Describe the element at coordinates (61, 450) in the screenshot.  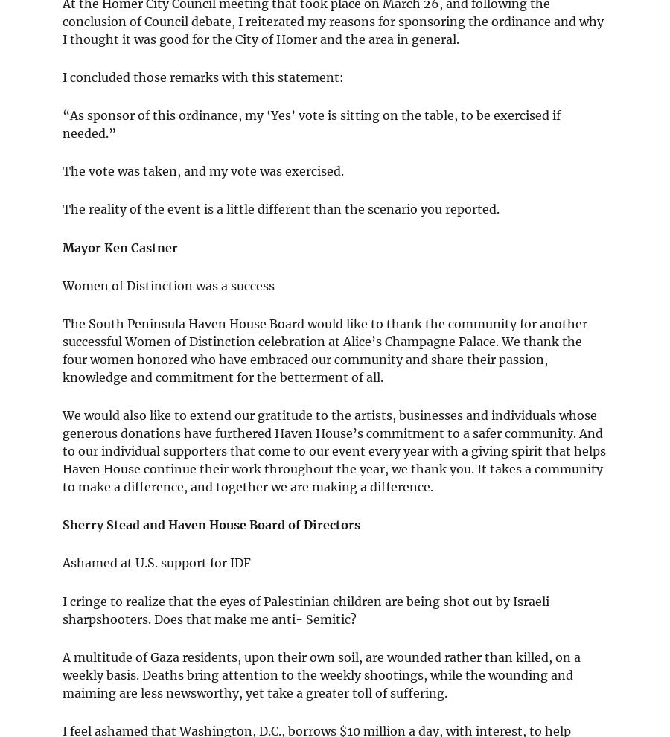
I see `'We would also like to extend our gratitude to the artists, businesses and individuals whose generous donations have furthered Haven House’s commitment to a safer community. And to our individual supporters that come to our event every year with a giving spirit that helps Haven House continue their work throughout the year, we thank you. It takes a community to make a difference, and together we are making a difference.'` at that location.